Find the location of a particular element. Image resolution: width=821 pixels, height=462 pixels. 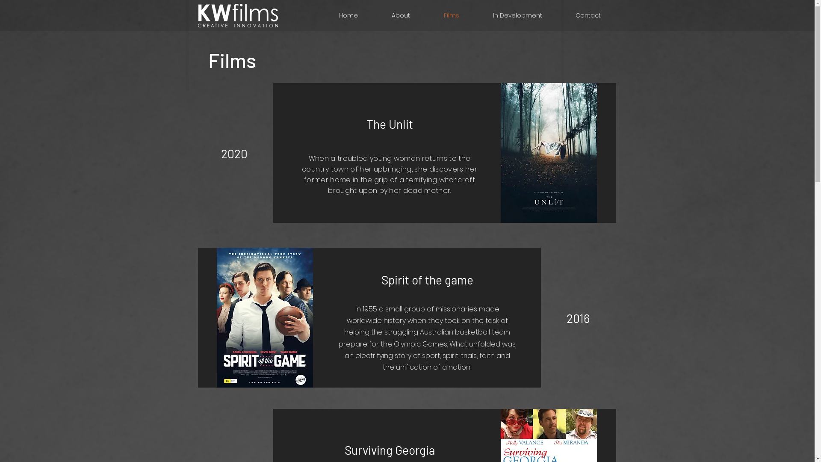

'Surviving Georgia' is located at coordinates (345, 450).